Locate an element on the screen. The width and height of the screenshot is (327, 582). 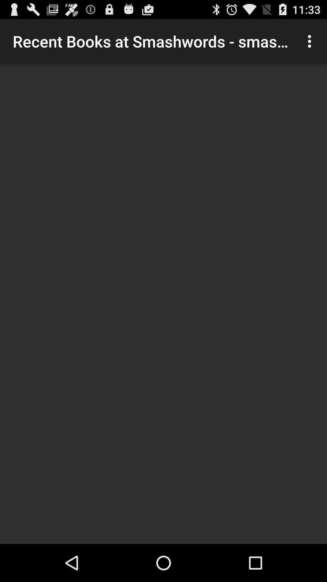
the item at the top right corner is located at coordinates (311, 41).